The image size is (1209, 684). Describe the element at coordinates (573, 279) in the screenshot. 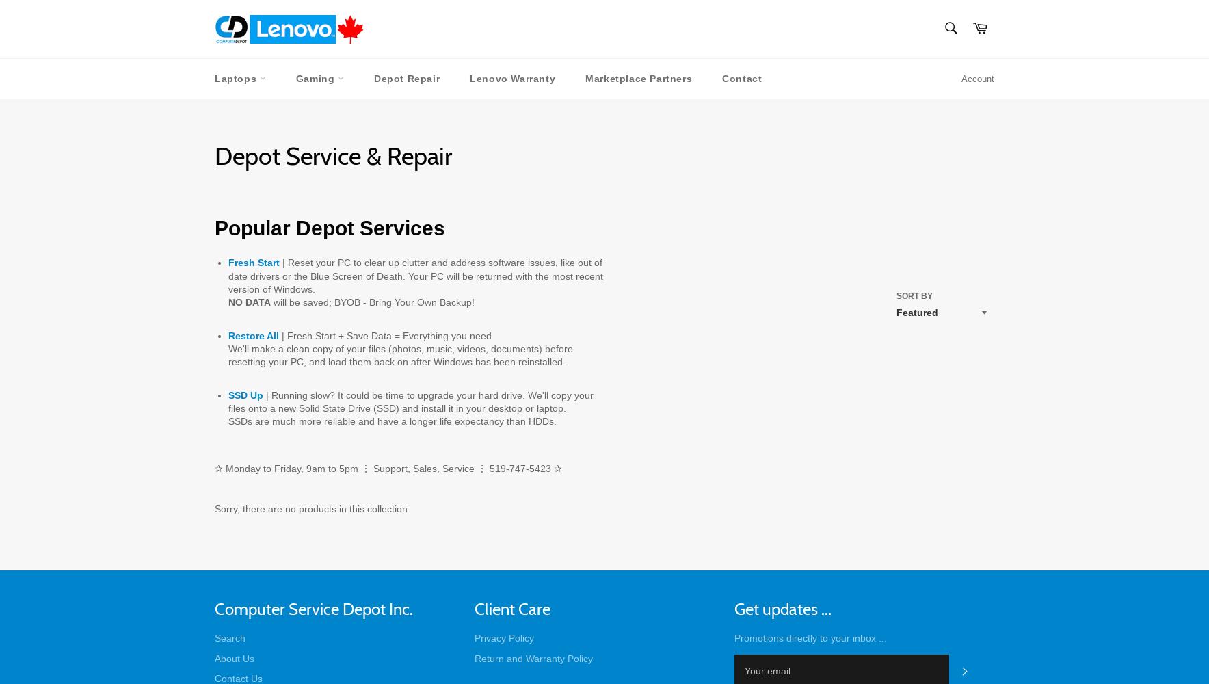

I see `'$2,113'` at that location.